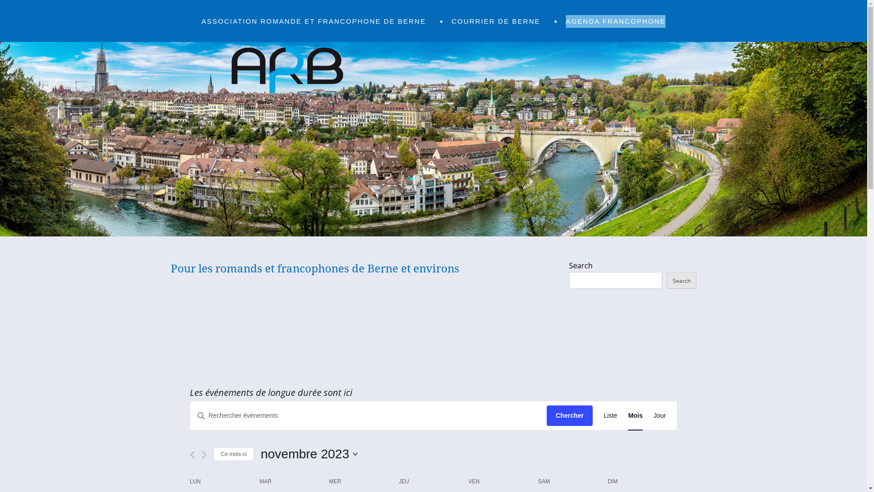 The height and width of the screenshot is (492, 874). Describe the element at coordinates (310, 454) in the screenshot. I see `'novembre 2023'` at that location.